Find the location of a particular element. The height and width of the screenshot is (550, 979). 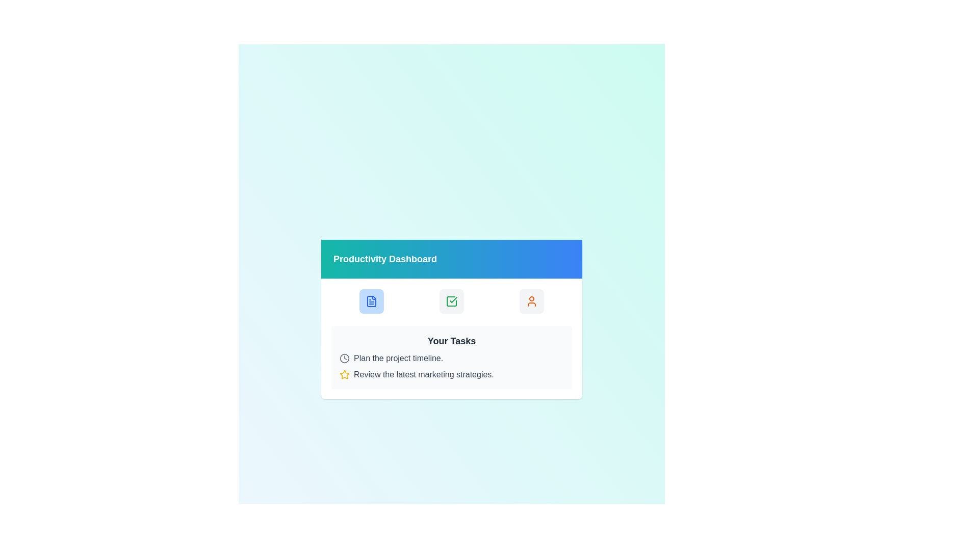

the blue button with rounded corners that has a document file icon in its center, located below the 'Productivity Dashboard' heading, to observe the hover effect is located at coordinates (371, 300).